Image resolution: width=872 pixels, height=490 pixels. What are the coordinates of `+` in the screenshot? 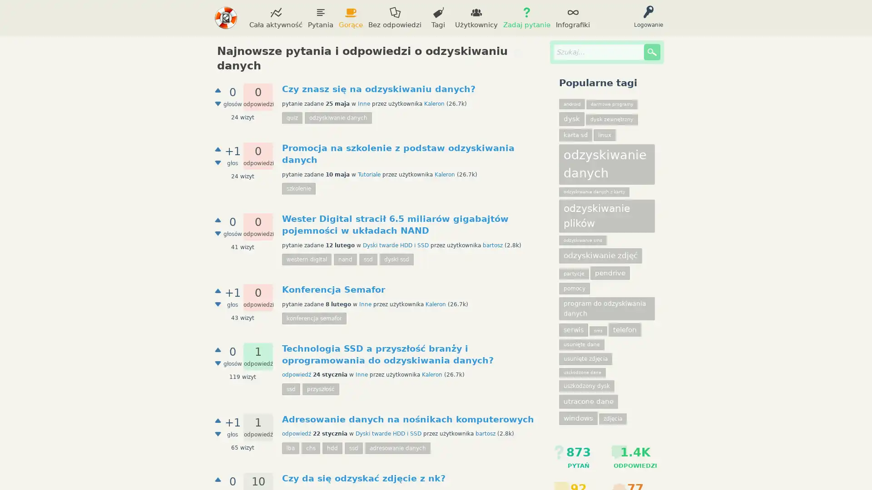 It's located at (218, 148).